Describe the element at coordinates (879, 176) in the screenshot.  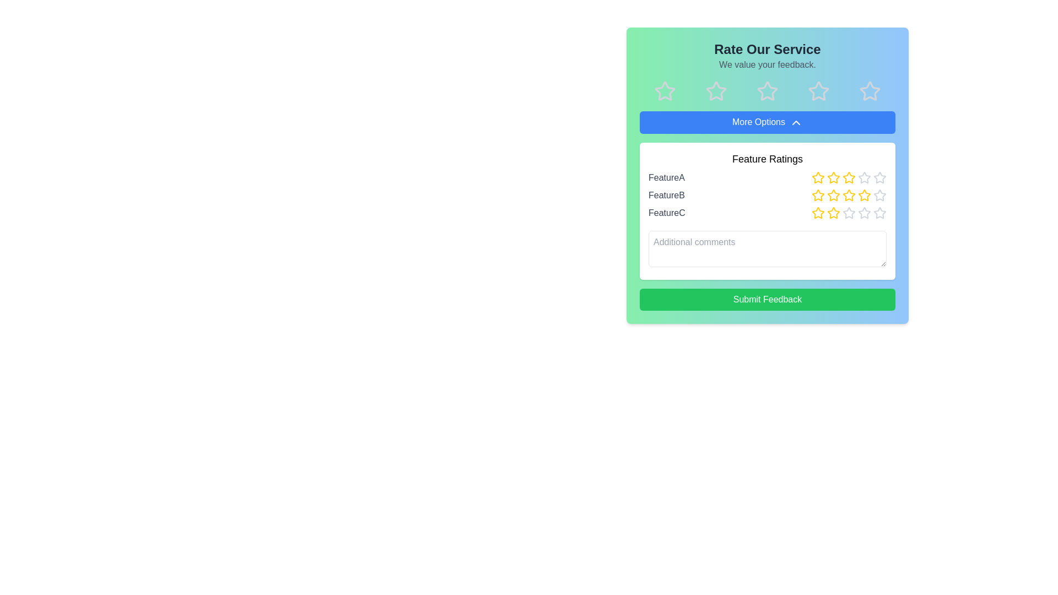
I see `the fifth interactive star rating icon in the 'Feature Ratings' section to set a 5-star rating for 'Feature A'` at that location.